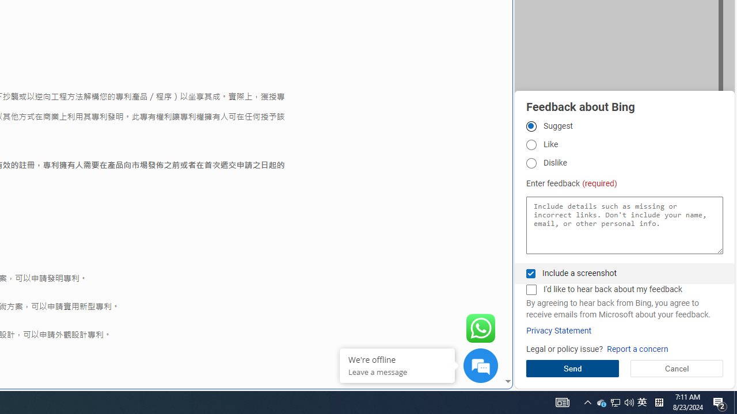 Image resolution: width=737 pixels, height=414 pixels. Describe the element at coordinates (530, 289) in the screenshot. I see `'I'` at that location.